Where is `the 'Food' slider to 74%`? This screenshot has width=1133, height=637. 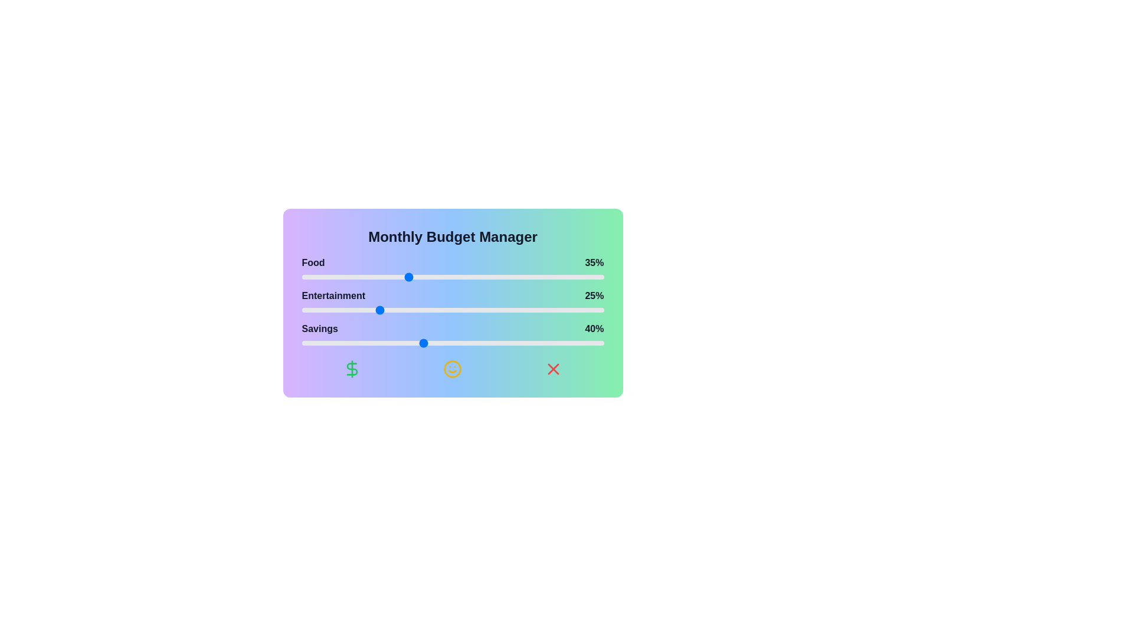 the 'Food' slider to 74% is located at coordinates (525, 277).